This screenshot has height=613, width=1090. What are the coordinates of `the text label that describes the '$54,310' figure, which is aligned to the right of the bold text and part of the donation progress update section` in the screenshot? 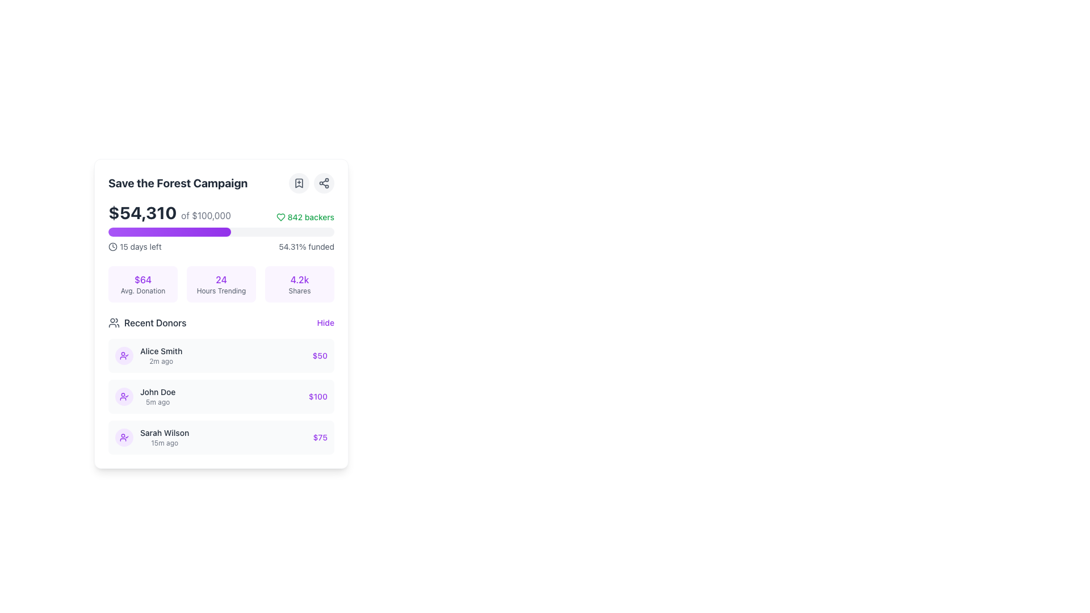 It's located at (206, 216).